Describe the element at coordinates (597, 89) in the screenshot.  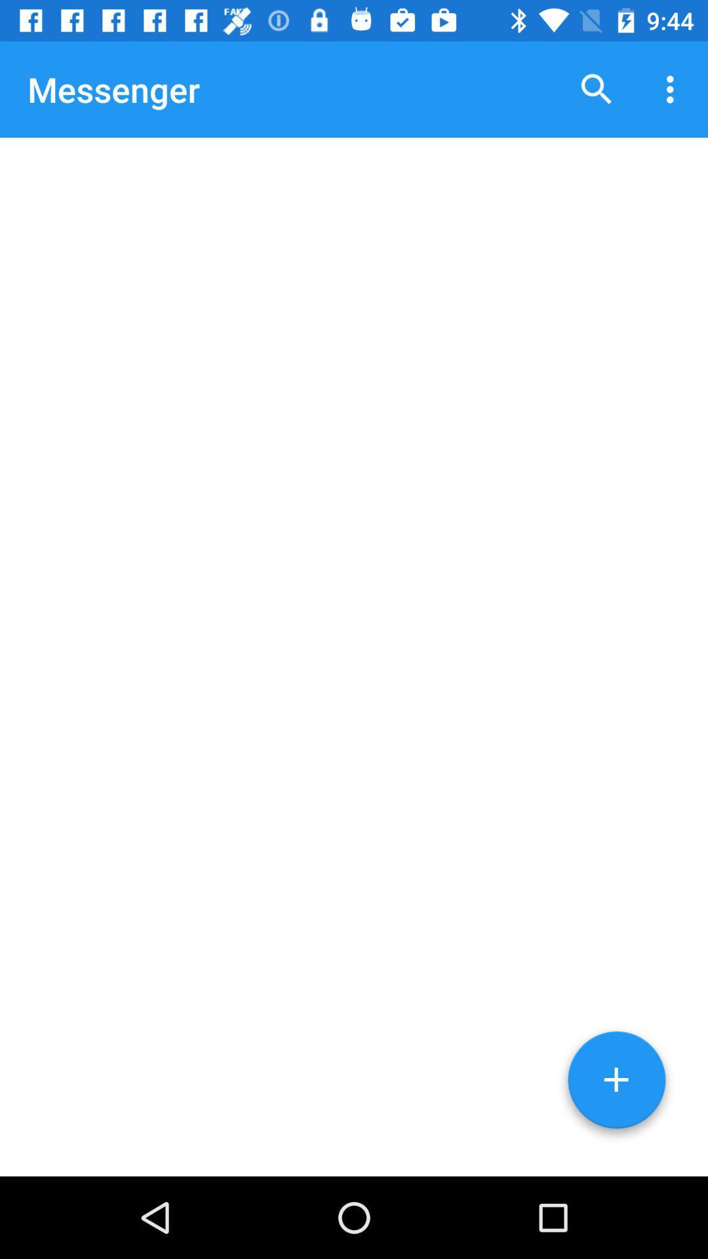
I see `the app to the right of messenger app` at that location.